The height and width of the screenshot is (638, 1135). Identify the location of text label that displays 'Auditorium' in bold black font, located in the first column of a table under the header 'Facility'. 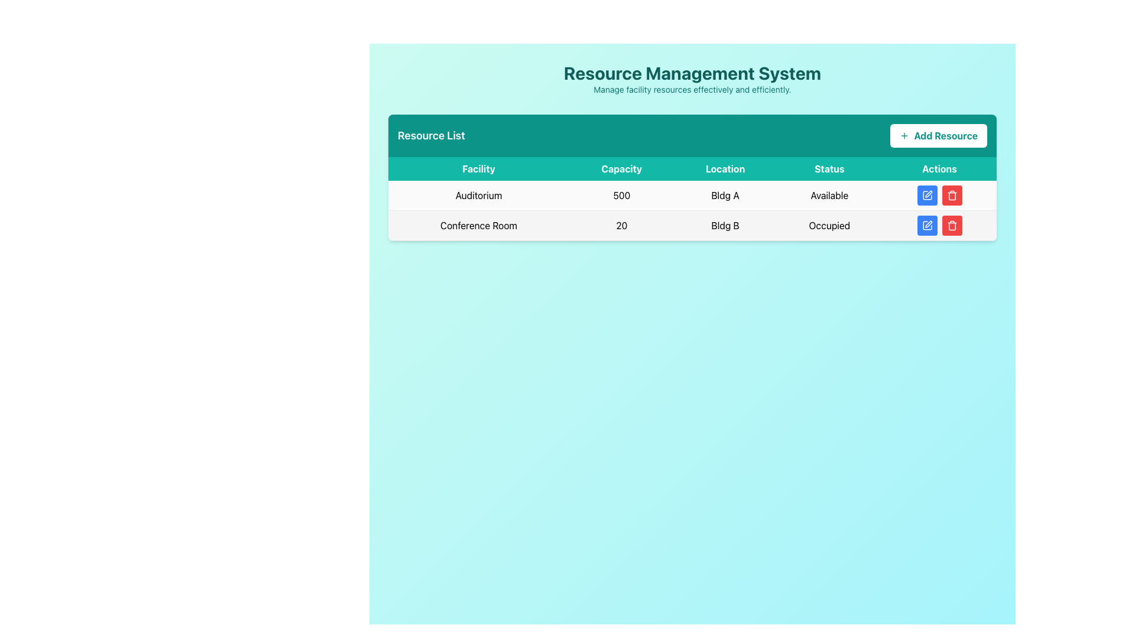
(479, 195).